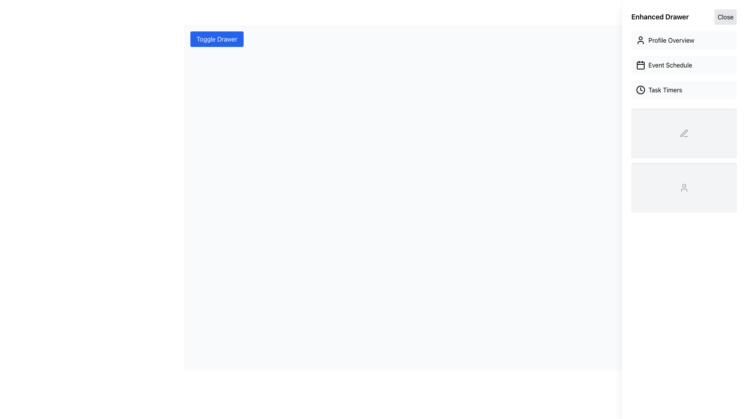  What do you see at coordinates (684, 187) in the screenshot?
I see `the user profile icon located in the second card of the right-hand panel` at bounding box center [684, 187].